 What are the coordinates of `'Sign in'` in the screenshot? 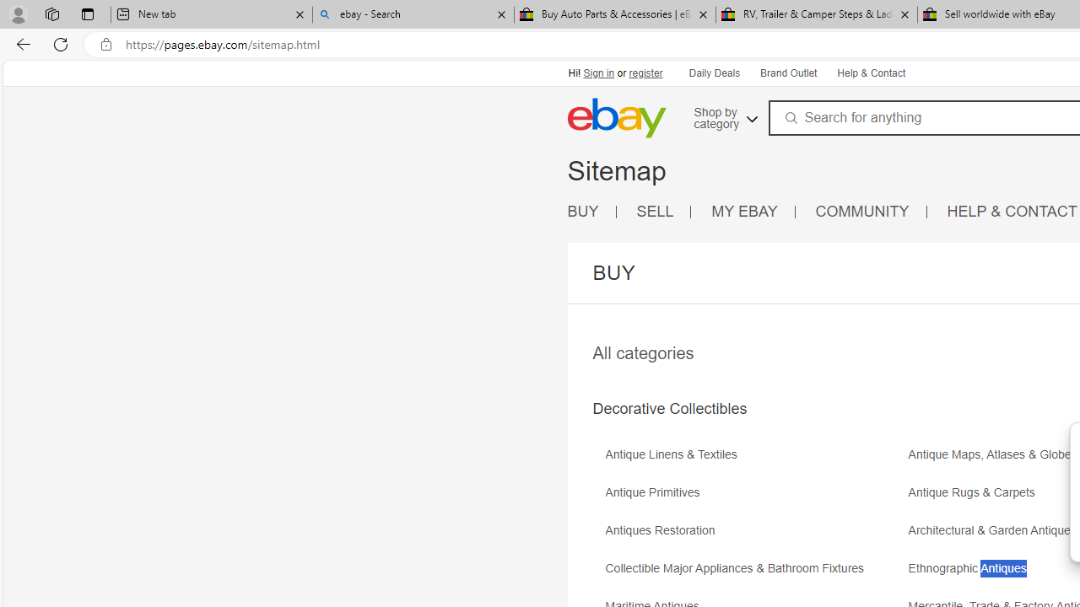 It's located at (599, 73).